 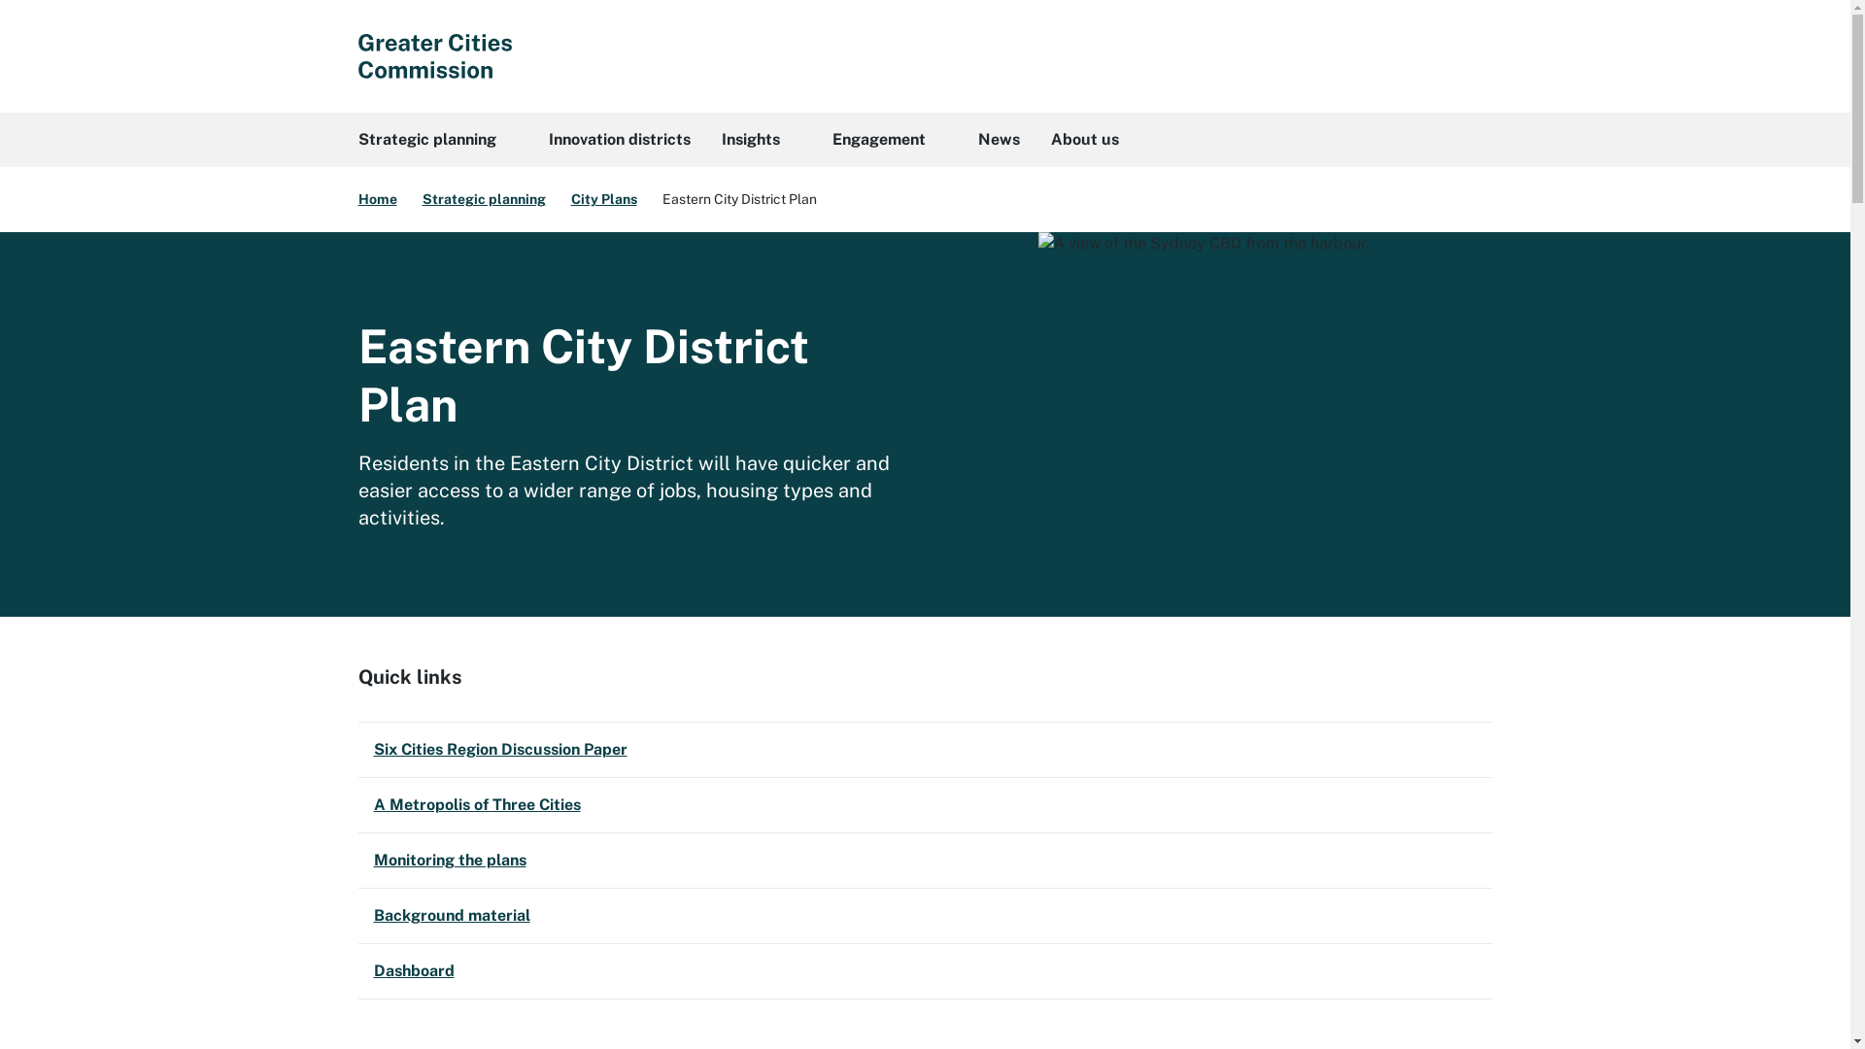 What do you see at coordinates (1469, 54) in the screenshot?
I see `'Show` at bounding box center [1469, 54].